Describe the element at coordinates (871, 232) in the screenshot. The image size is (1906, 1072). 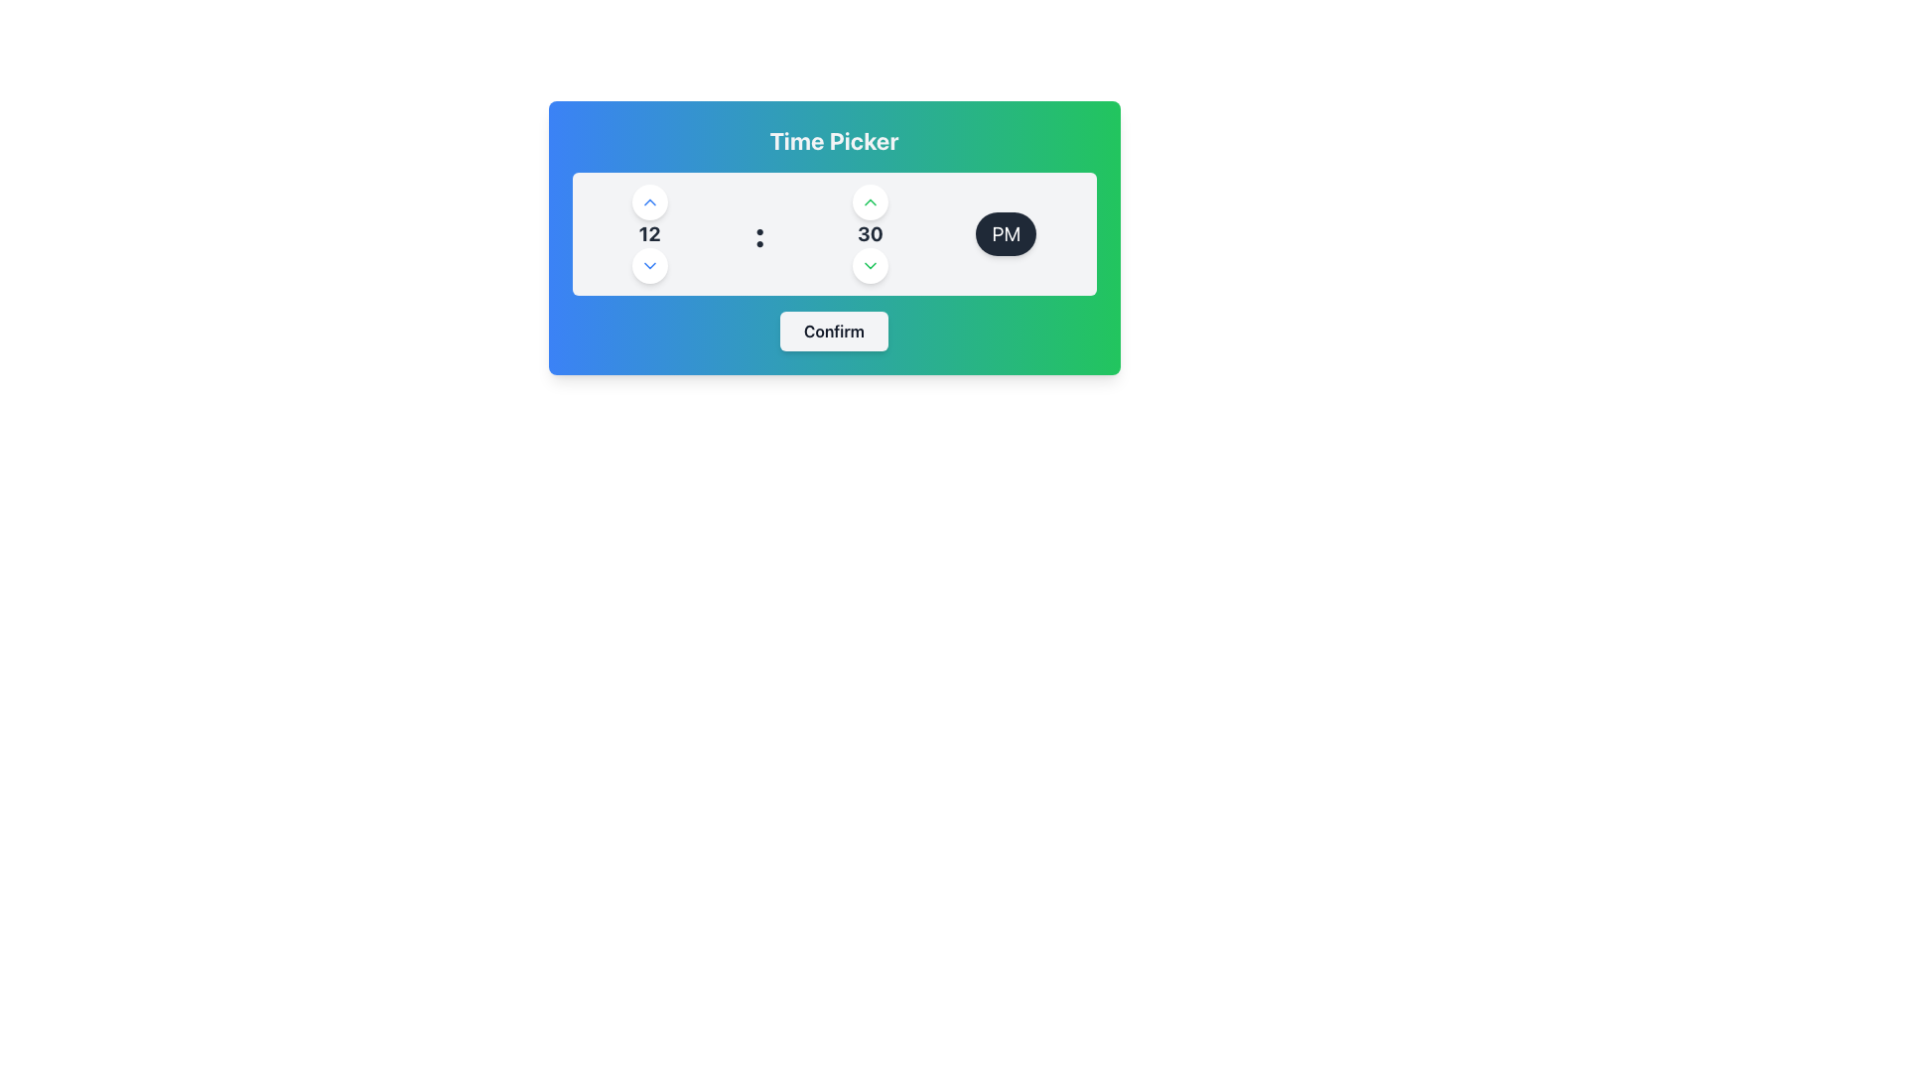
I see `the Text Display element that shows the currently selected minute value in the time picker interface, located to the right of the hour selection column and left of the 'PM' toggle button` at that location.